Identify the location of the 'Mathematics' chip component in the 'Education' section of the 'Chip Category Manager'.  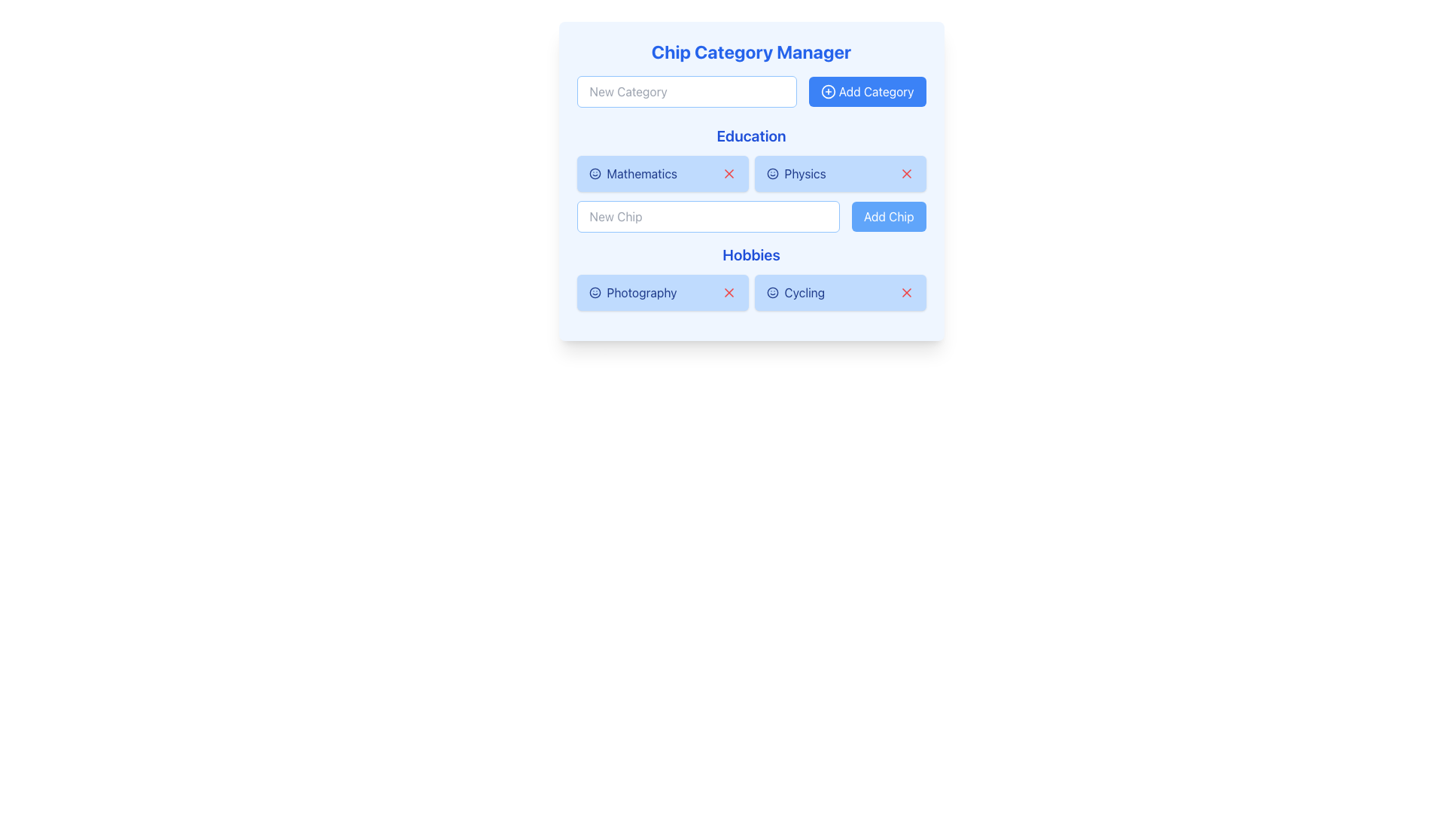
(662, 173).